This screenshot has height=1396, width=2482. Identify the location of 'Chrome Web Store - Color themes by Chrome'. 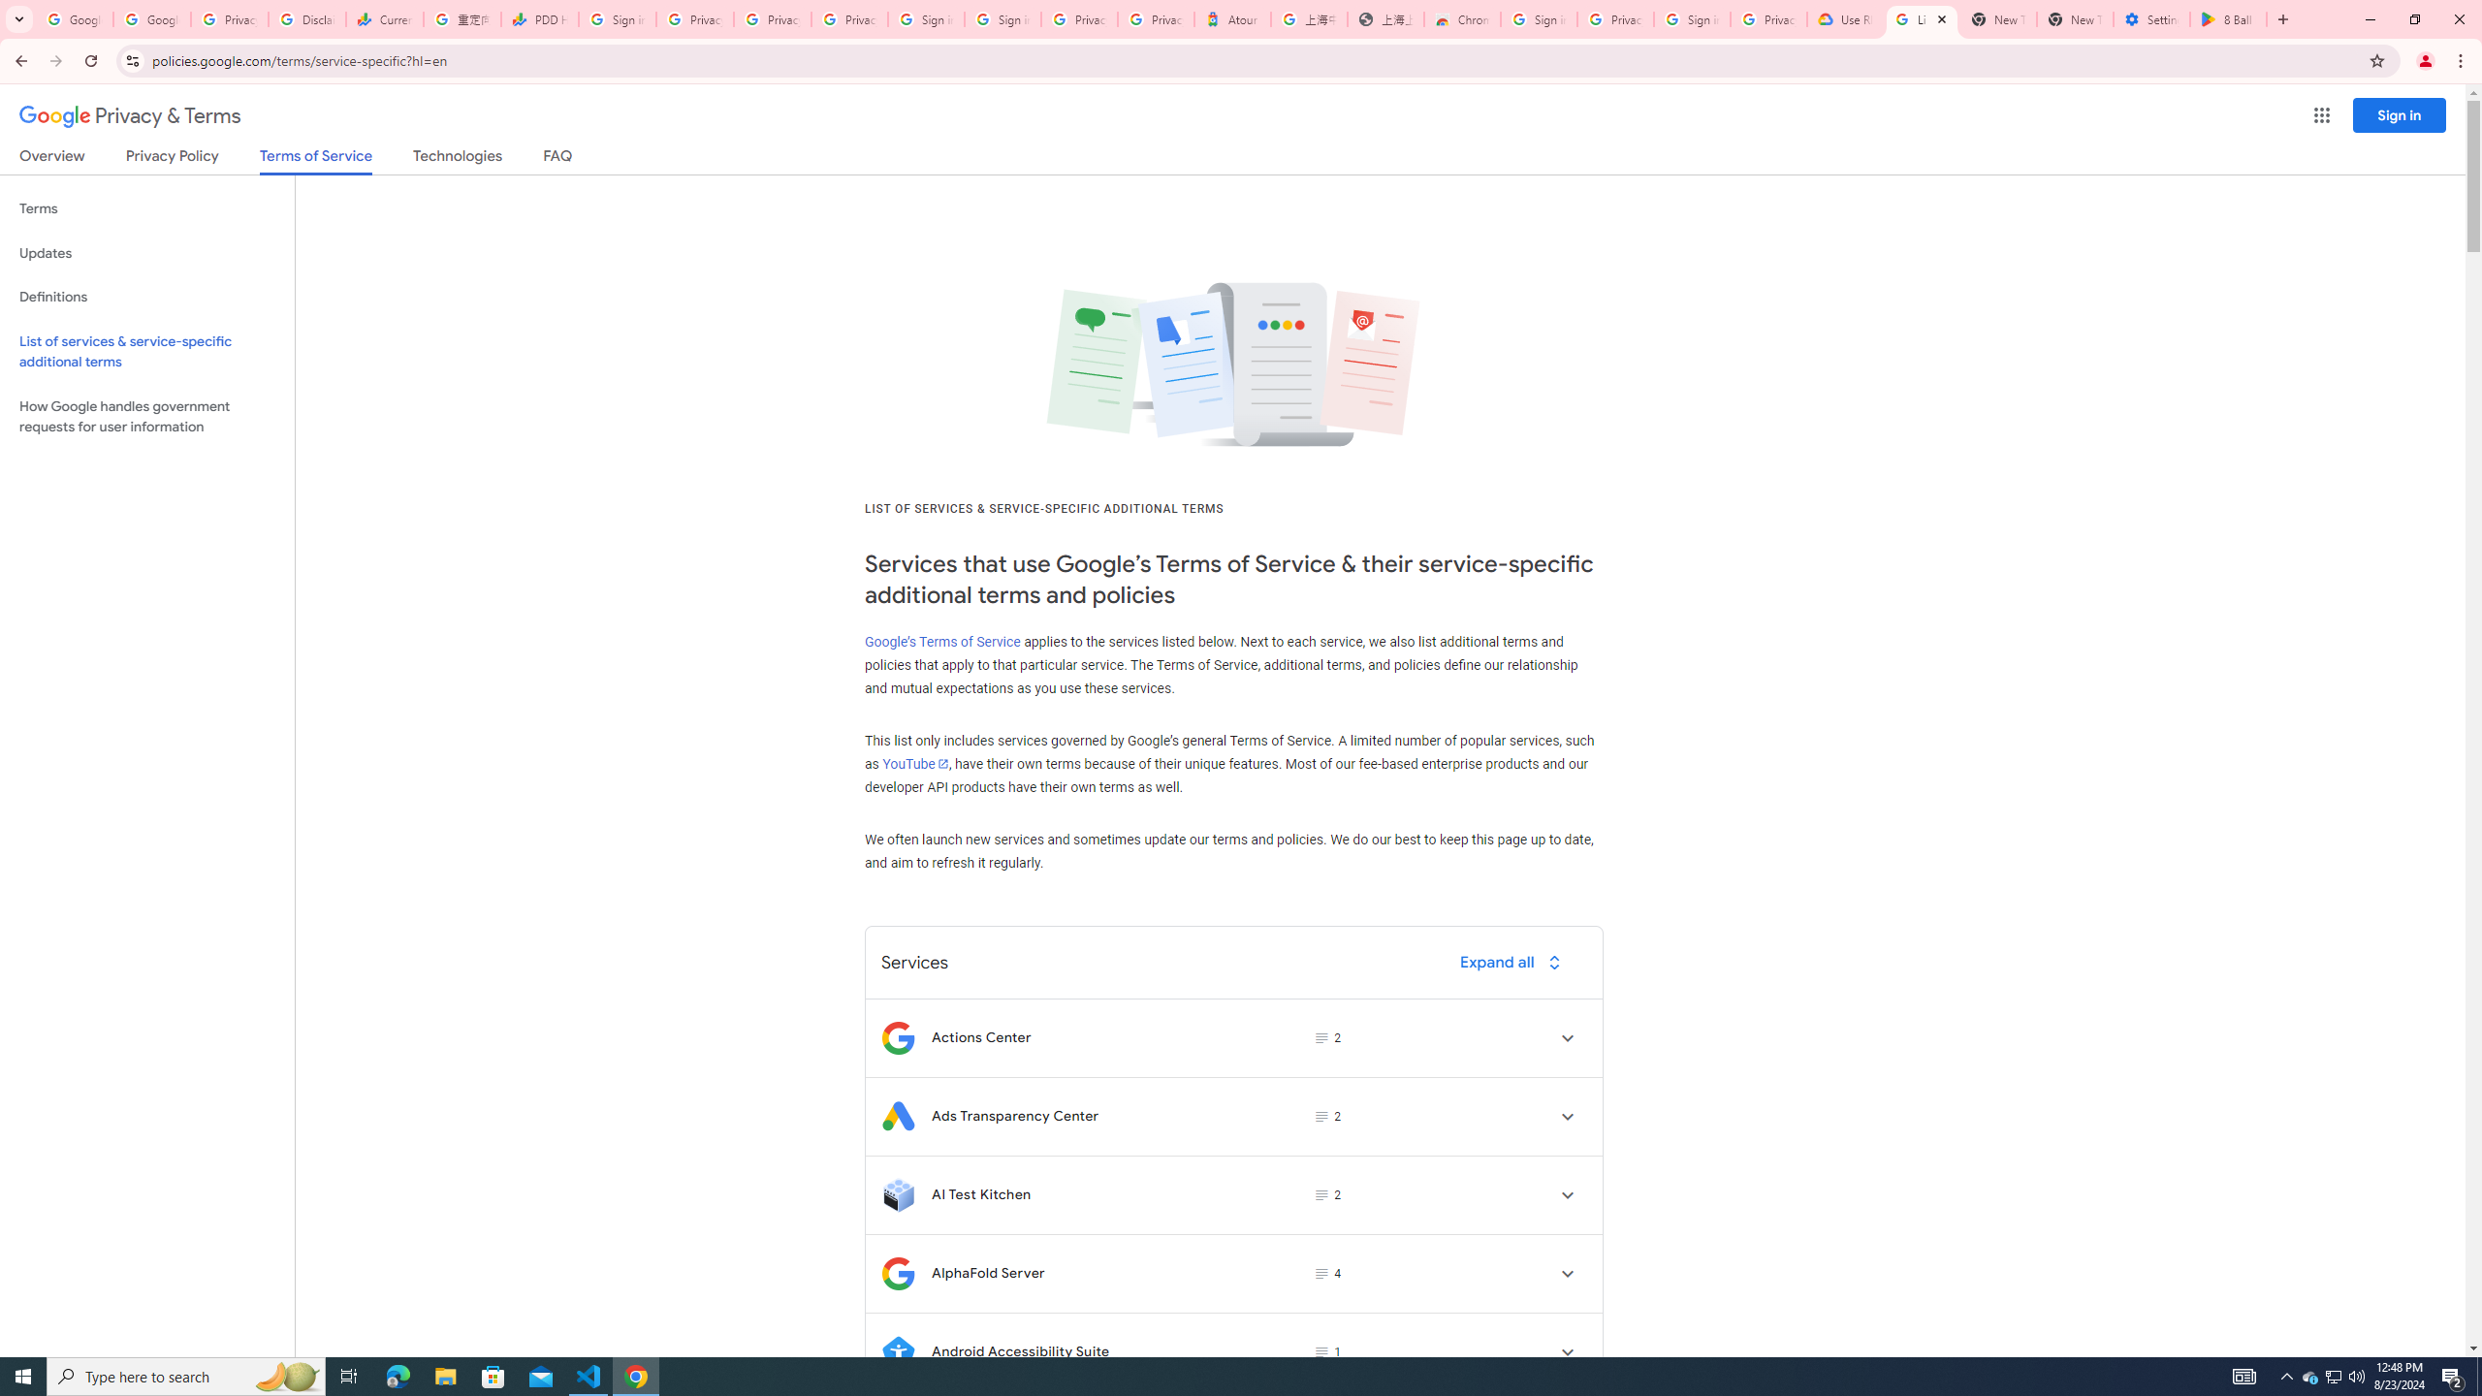
(1461, 18).